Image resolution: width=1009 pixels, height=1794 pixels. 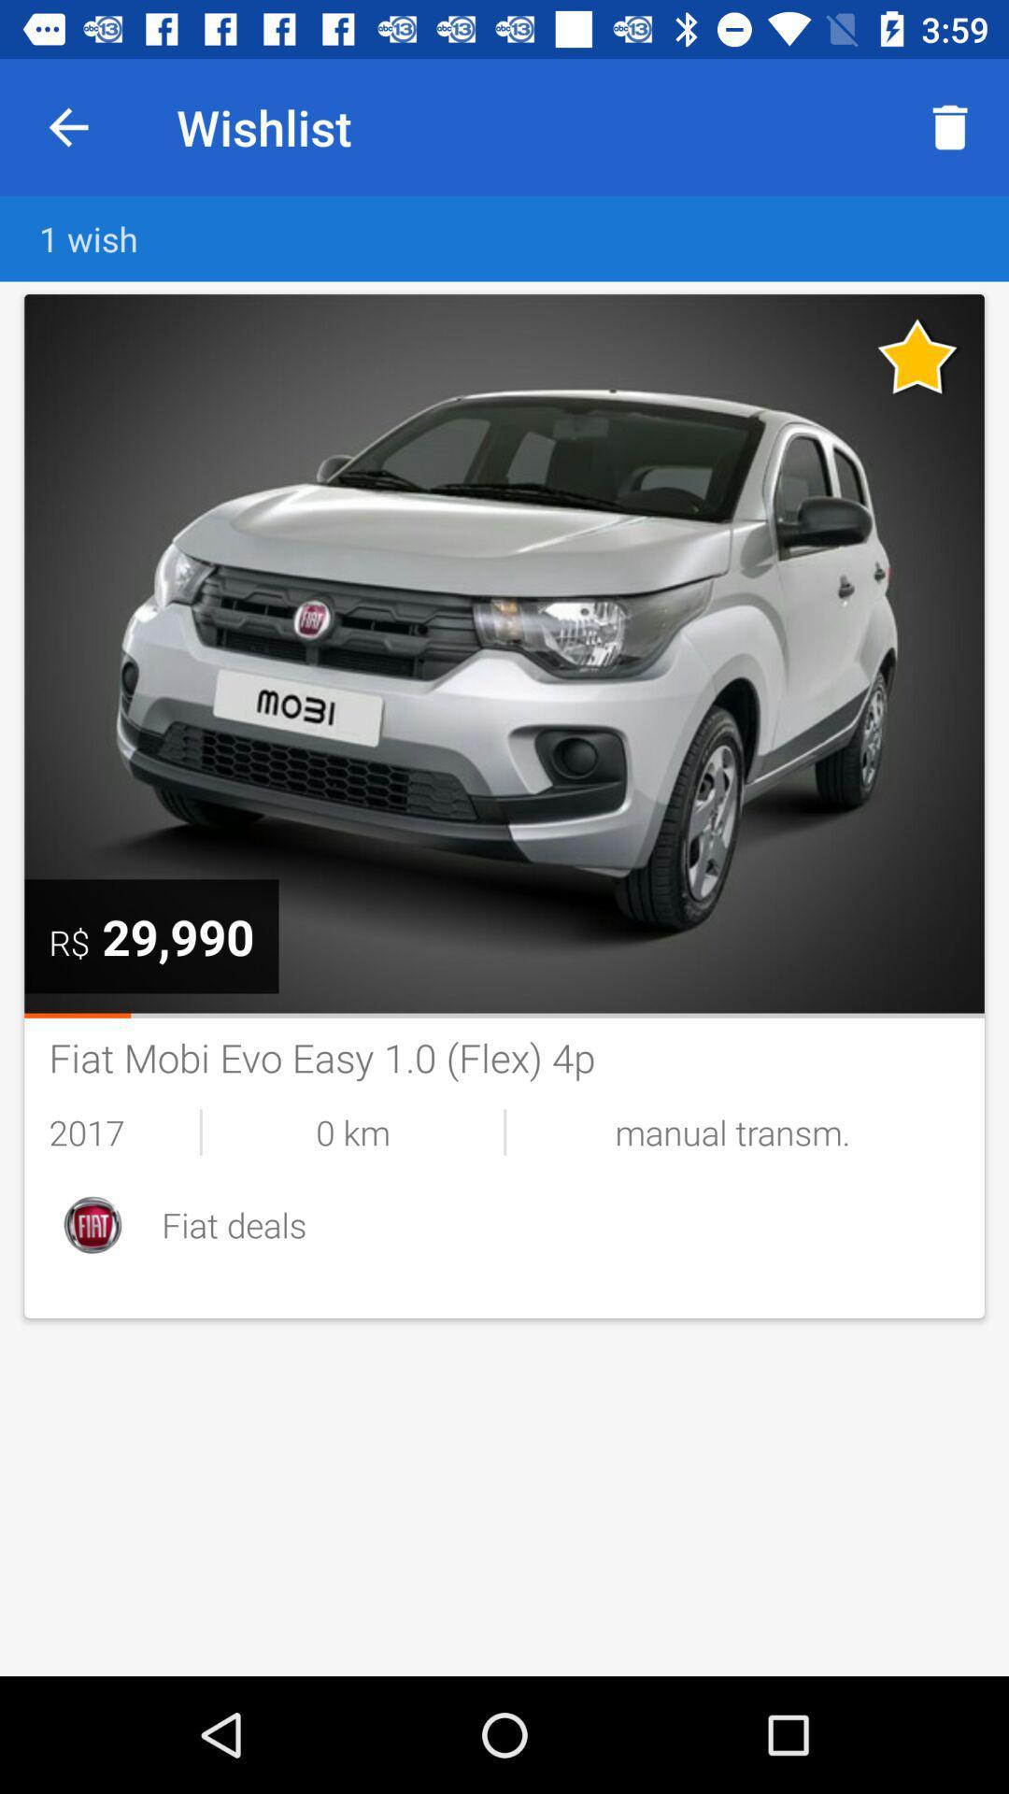 What do you see at coordinates (178, 936) in the screenshot?
I see `the item below 1 wish item` at bounding box center [178, 936].